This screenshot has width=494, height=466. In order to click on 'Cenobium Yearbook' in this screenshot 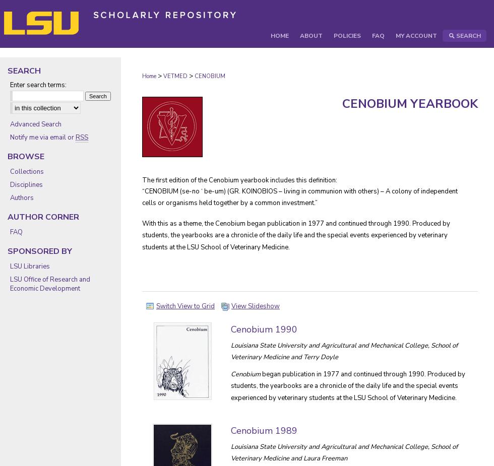, I will do `click(410, 103)`.